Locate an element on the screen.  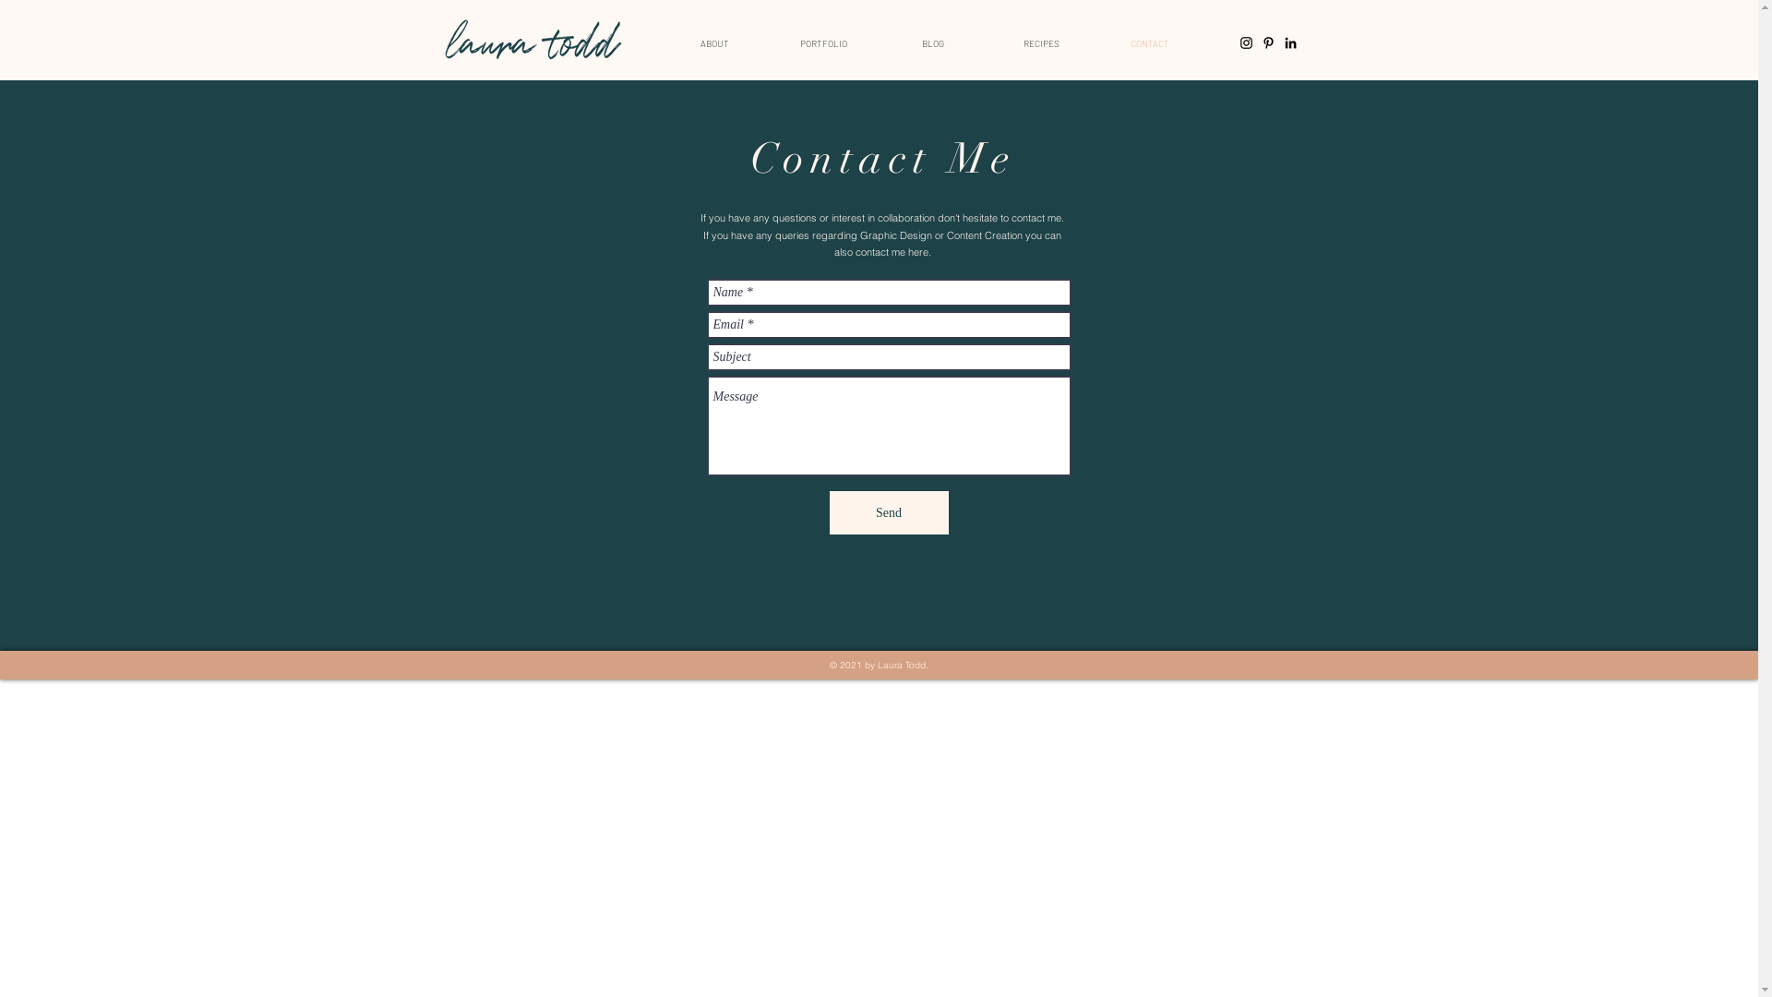
'BLOG' is located at coordinates (877, 42).